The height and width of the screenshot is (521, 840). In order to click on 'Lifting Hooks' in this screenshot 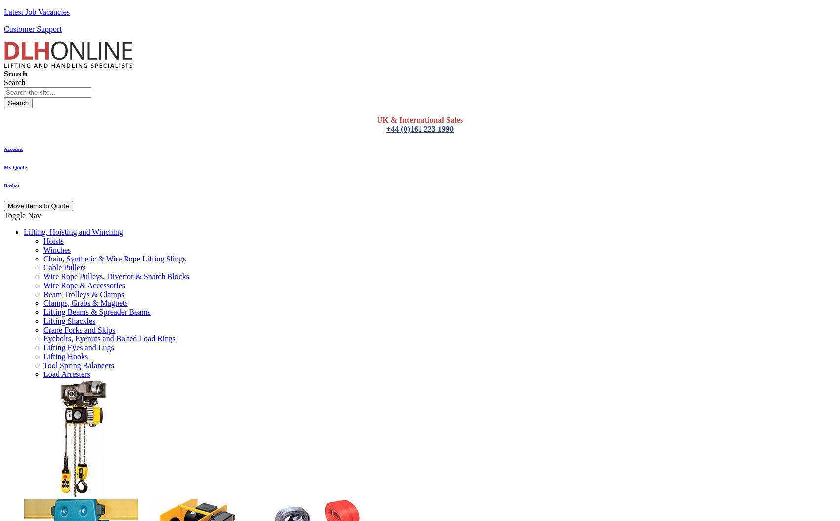, I will do `click(65, 356)`.